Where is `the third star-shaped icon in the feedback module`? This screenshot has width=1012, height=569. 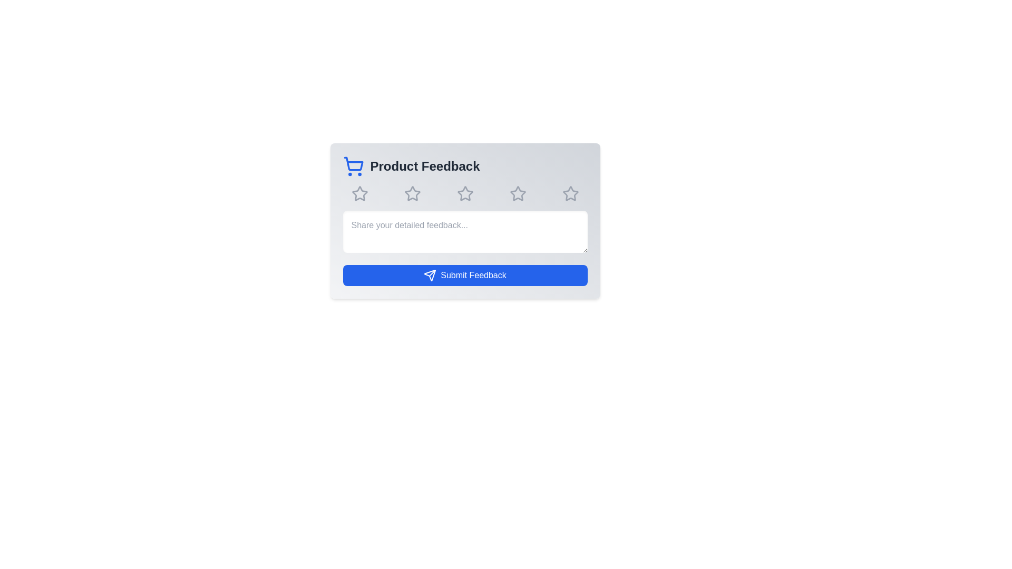
the third star-shaped icon in the feedback module is located at coordinates (412, 193).